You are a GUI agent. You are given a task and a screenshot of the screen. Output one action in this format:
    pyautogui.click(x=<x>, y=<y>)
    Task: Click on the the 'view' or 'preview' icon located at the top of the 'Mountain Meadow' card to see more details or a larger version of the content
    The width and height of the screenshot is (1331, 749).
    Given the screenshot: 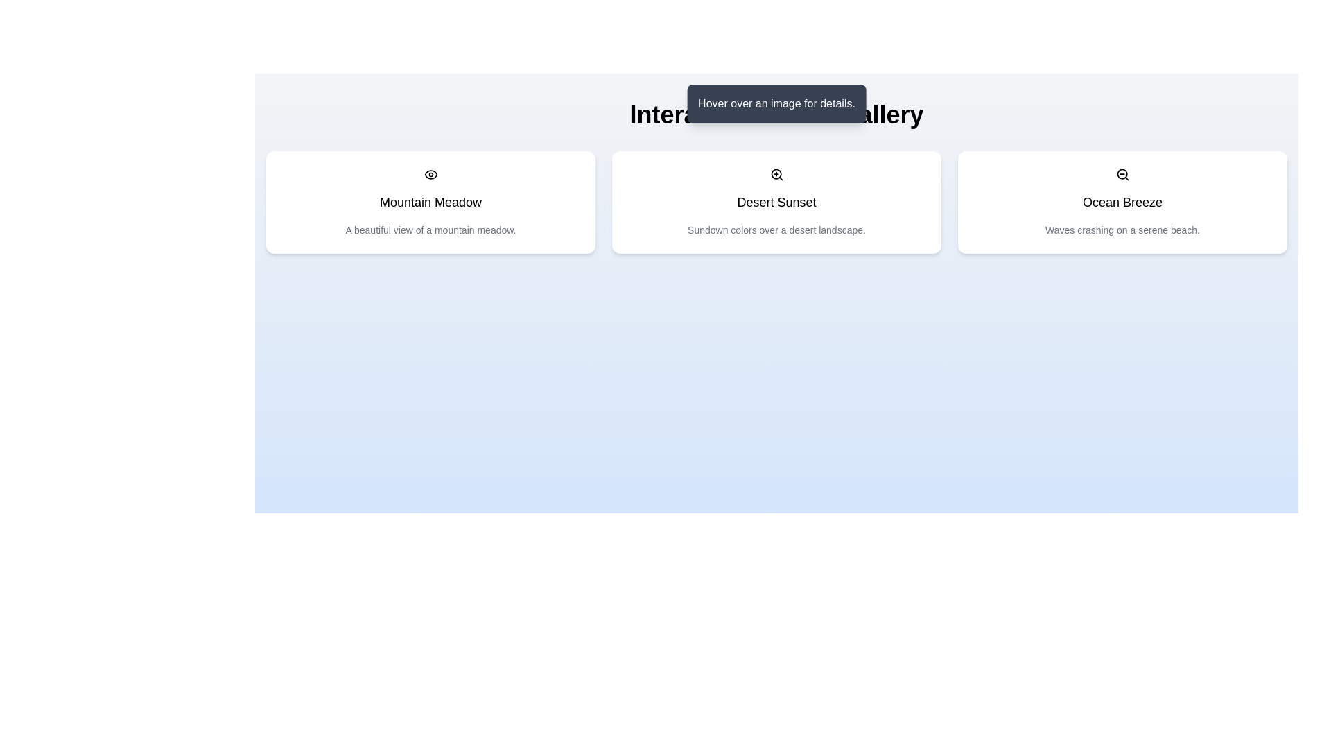 What is the action you would take?
    pyautogui.click(x=430, y=173)
    